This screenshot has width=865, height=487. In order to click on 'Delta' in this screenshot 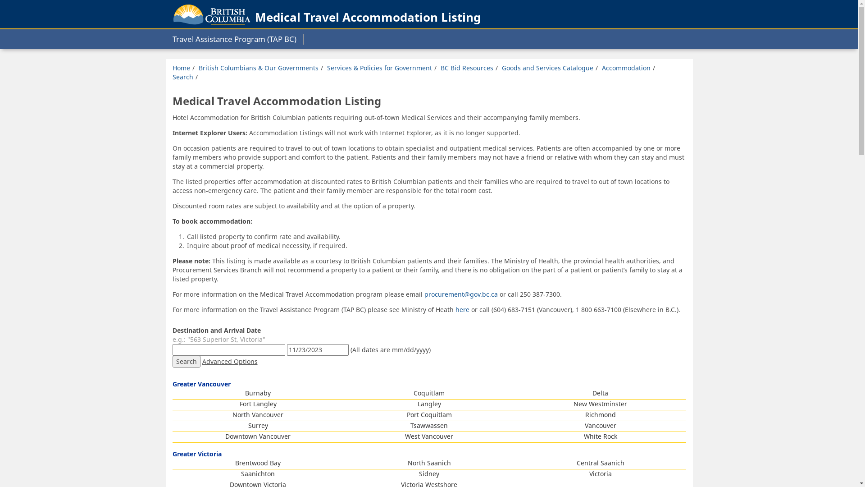, I will do `click(600, 392)`.